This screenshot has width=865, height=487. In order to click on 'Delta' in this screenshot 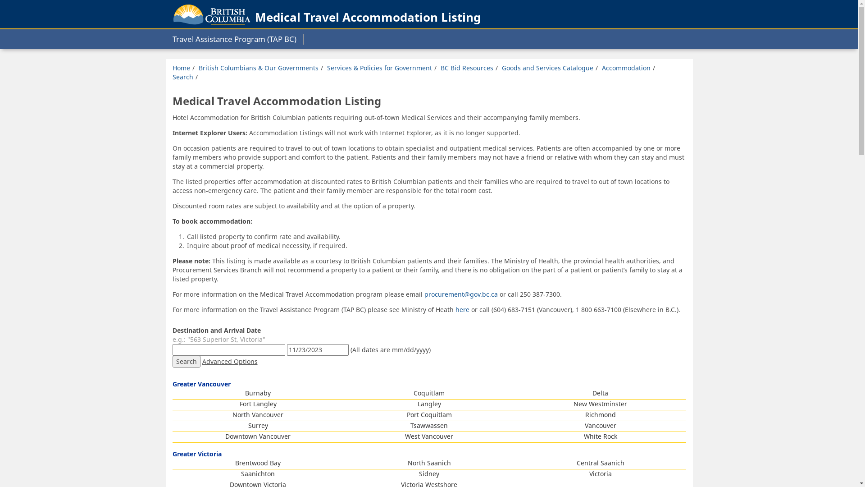, I will do `click(600, 392)`.